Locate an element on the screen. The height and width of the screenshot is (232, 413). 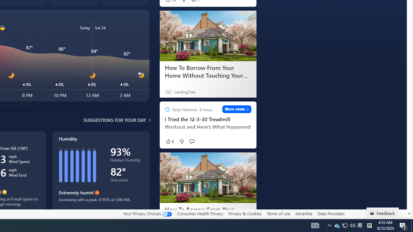
'Data Providers' is located at coordinates (331, 214).